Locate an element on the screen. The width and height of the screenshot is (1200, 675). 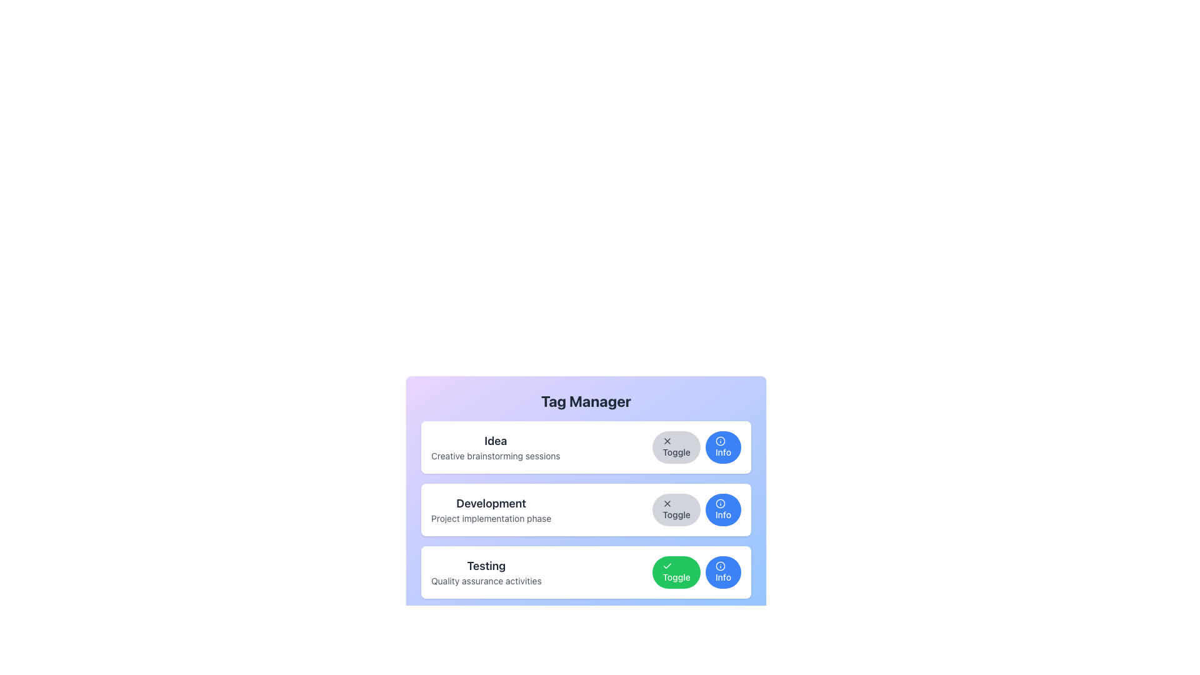
the decorative graphical icon element within the 'Info' button of the 'Testing' section is located at coordinates (720, 566).